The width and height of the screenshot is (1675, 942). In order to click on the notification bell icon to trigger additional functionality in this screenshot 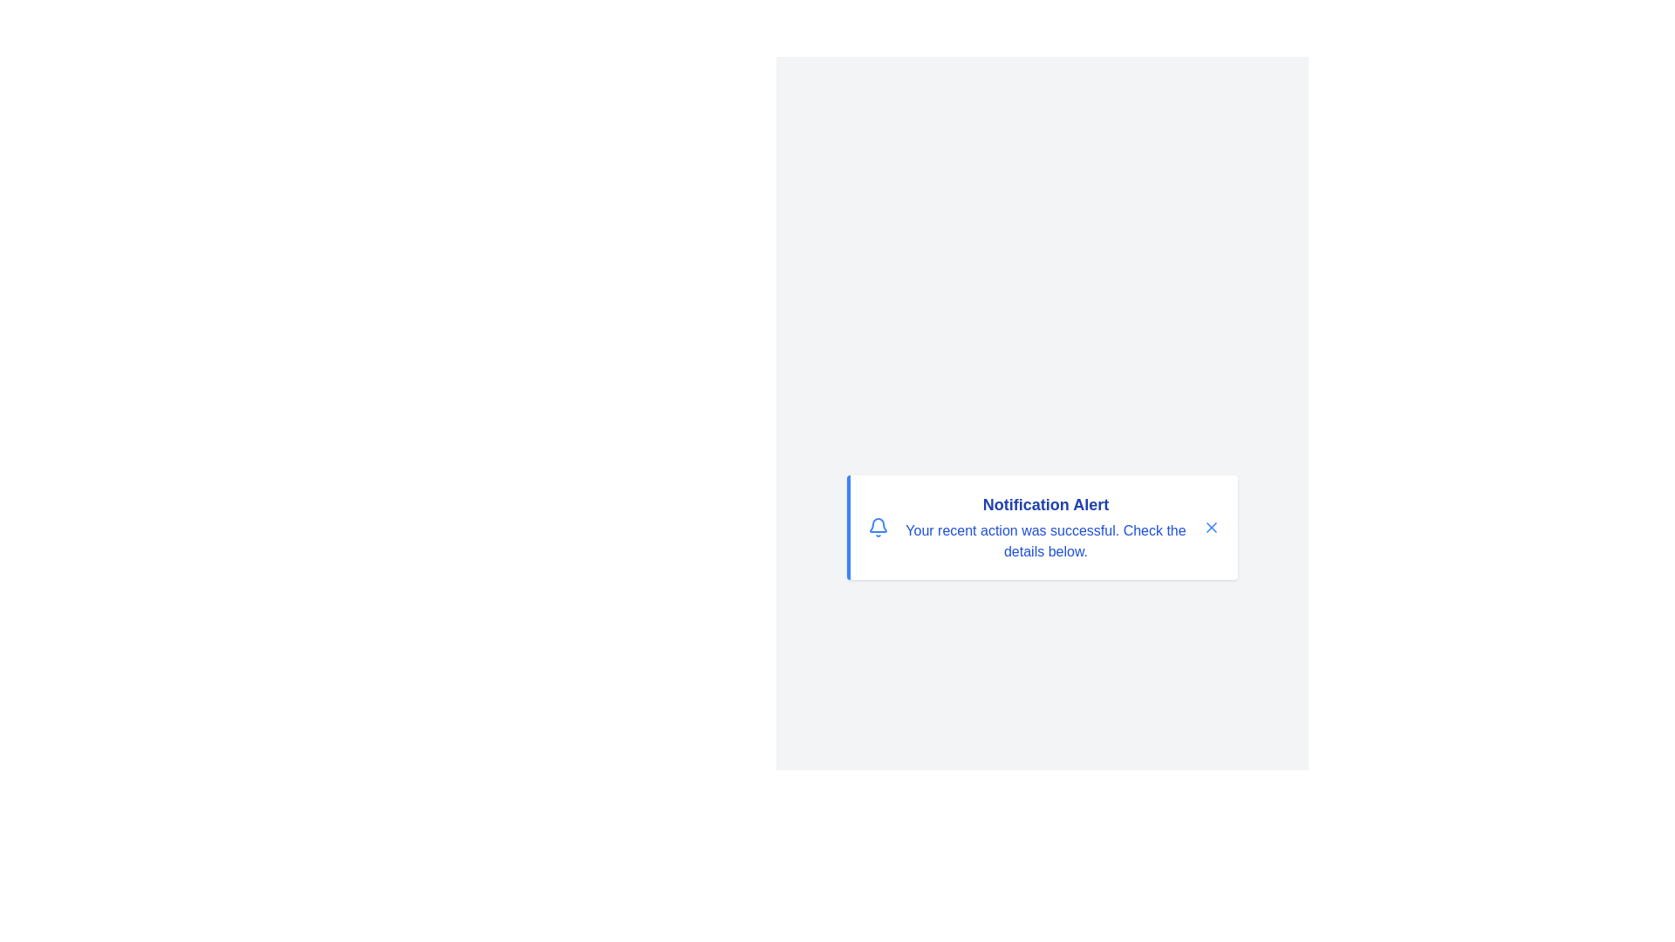, I will do `click(879, 527)`.